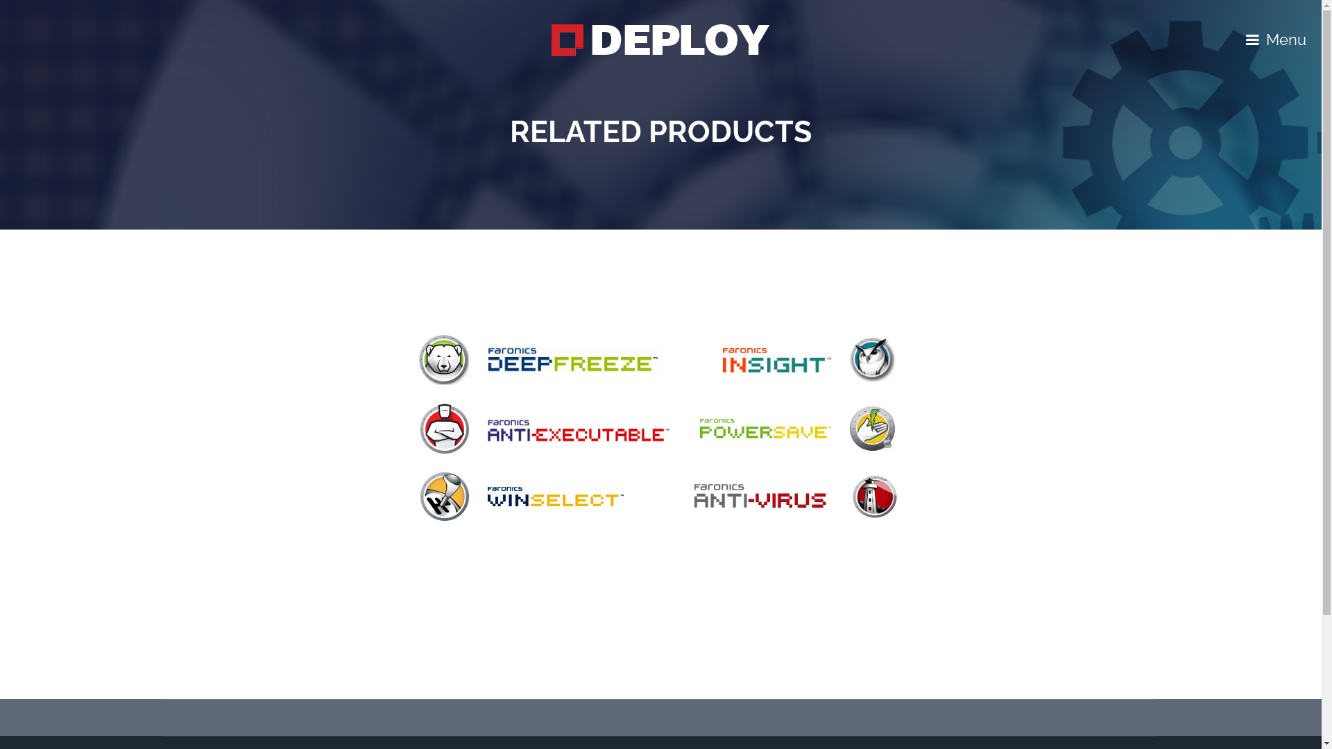  I want to click on 'Menu', so click(1276, 39).